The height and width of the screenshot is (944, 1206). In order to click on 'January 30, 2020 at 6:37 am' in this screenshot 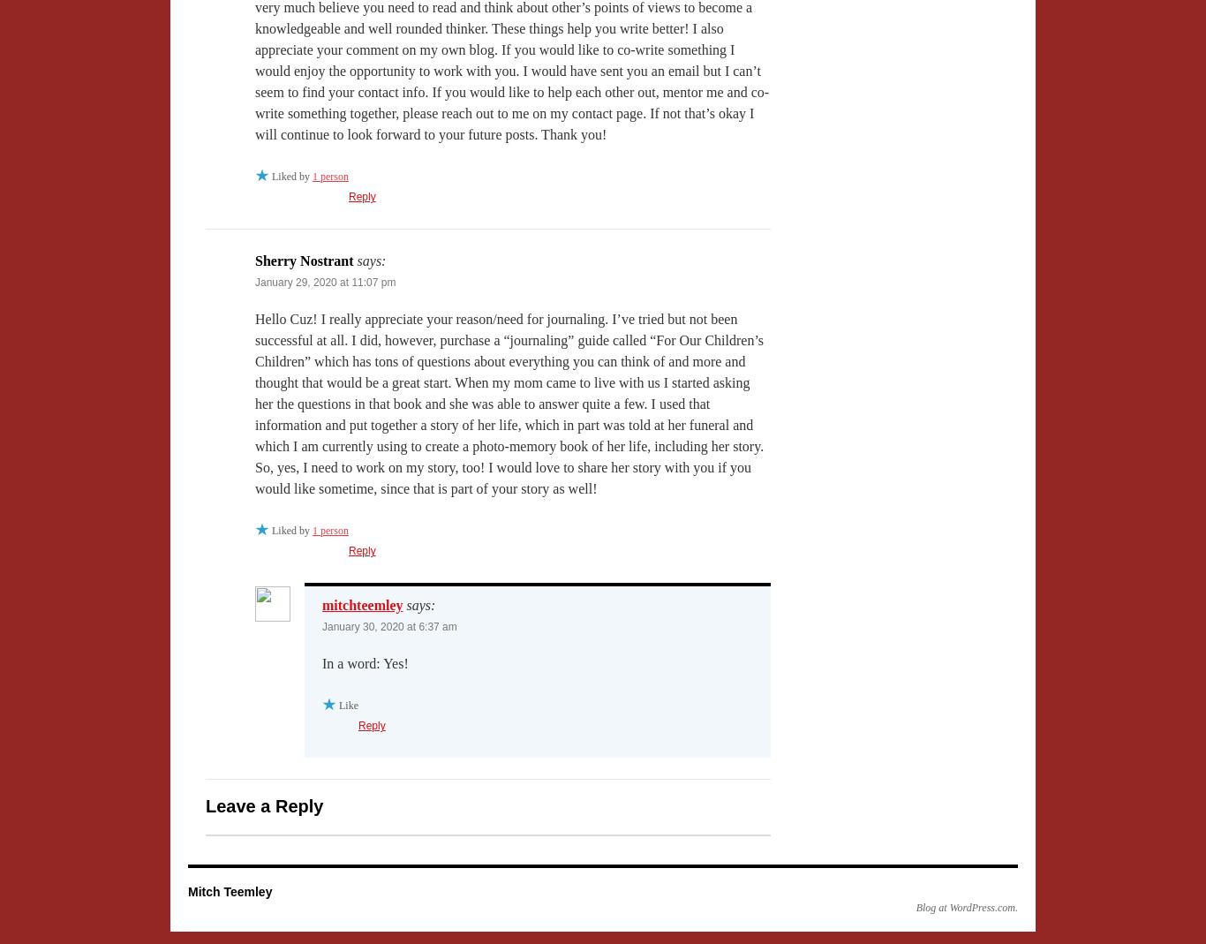, I will do `click(388, 626)`.